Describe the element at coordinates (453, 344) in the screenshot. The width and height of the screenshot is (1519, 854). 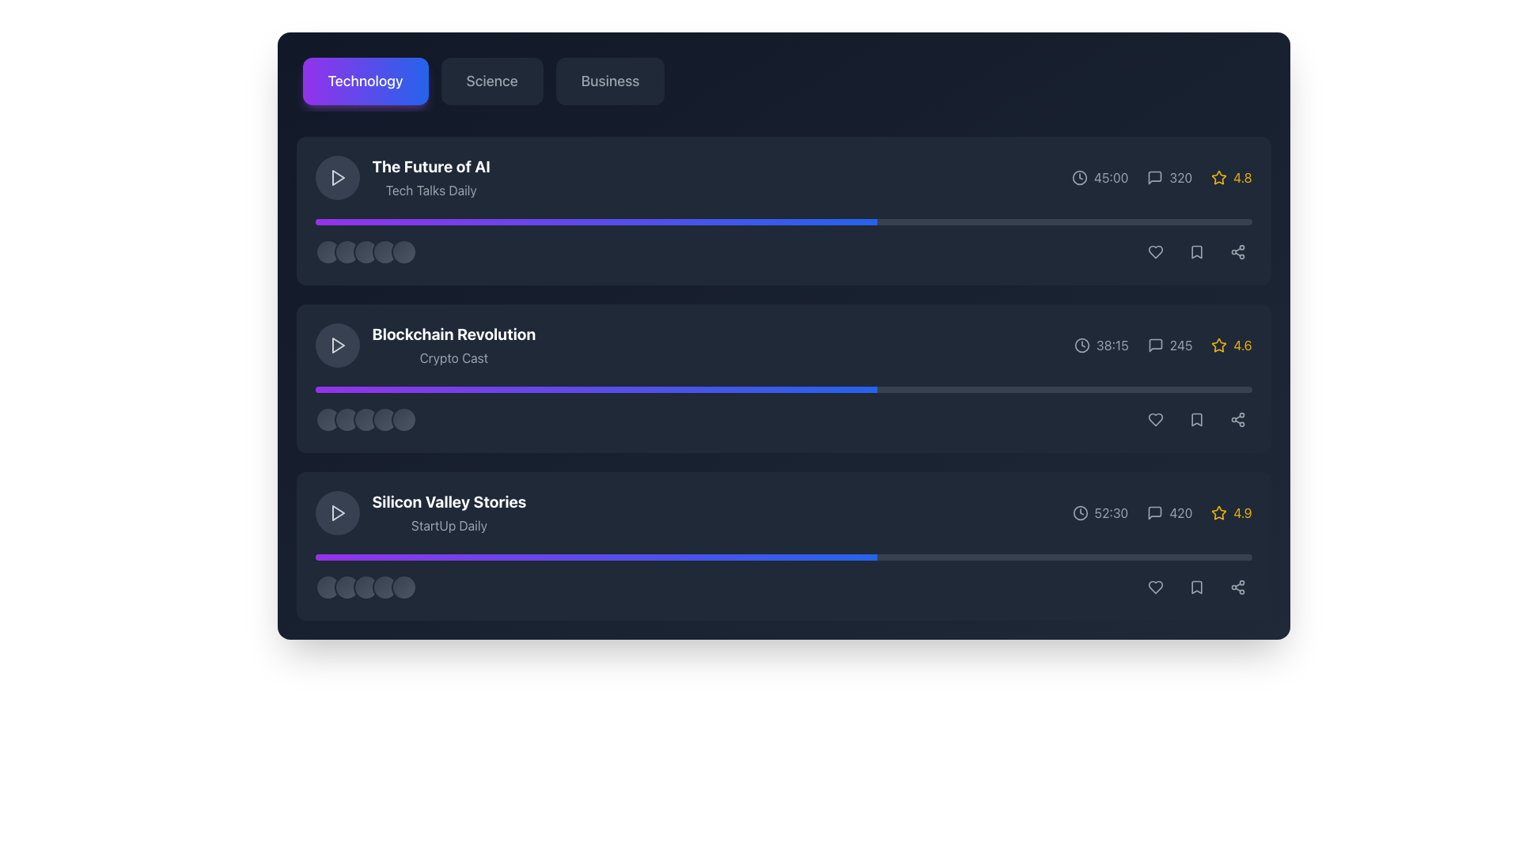
I see `the text content that provides information about a media item or podcast, located in the second row under the 'Technology' tab, centered horizontally and slightly below the play icon` at that location.